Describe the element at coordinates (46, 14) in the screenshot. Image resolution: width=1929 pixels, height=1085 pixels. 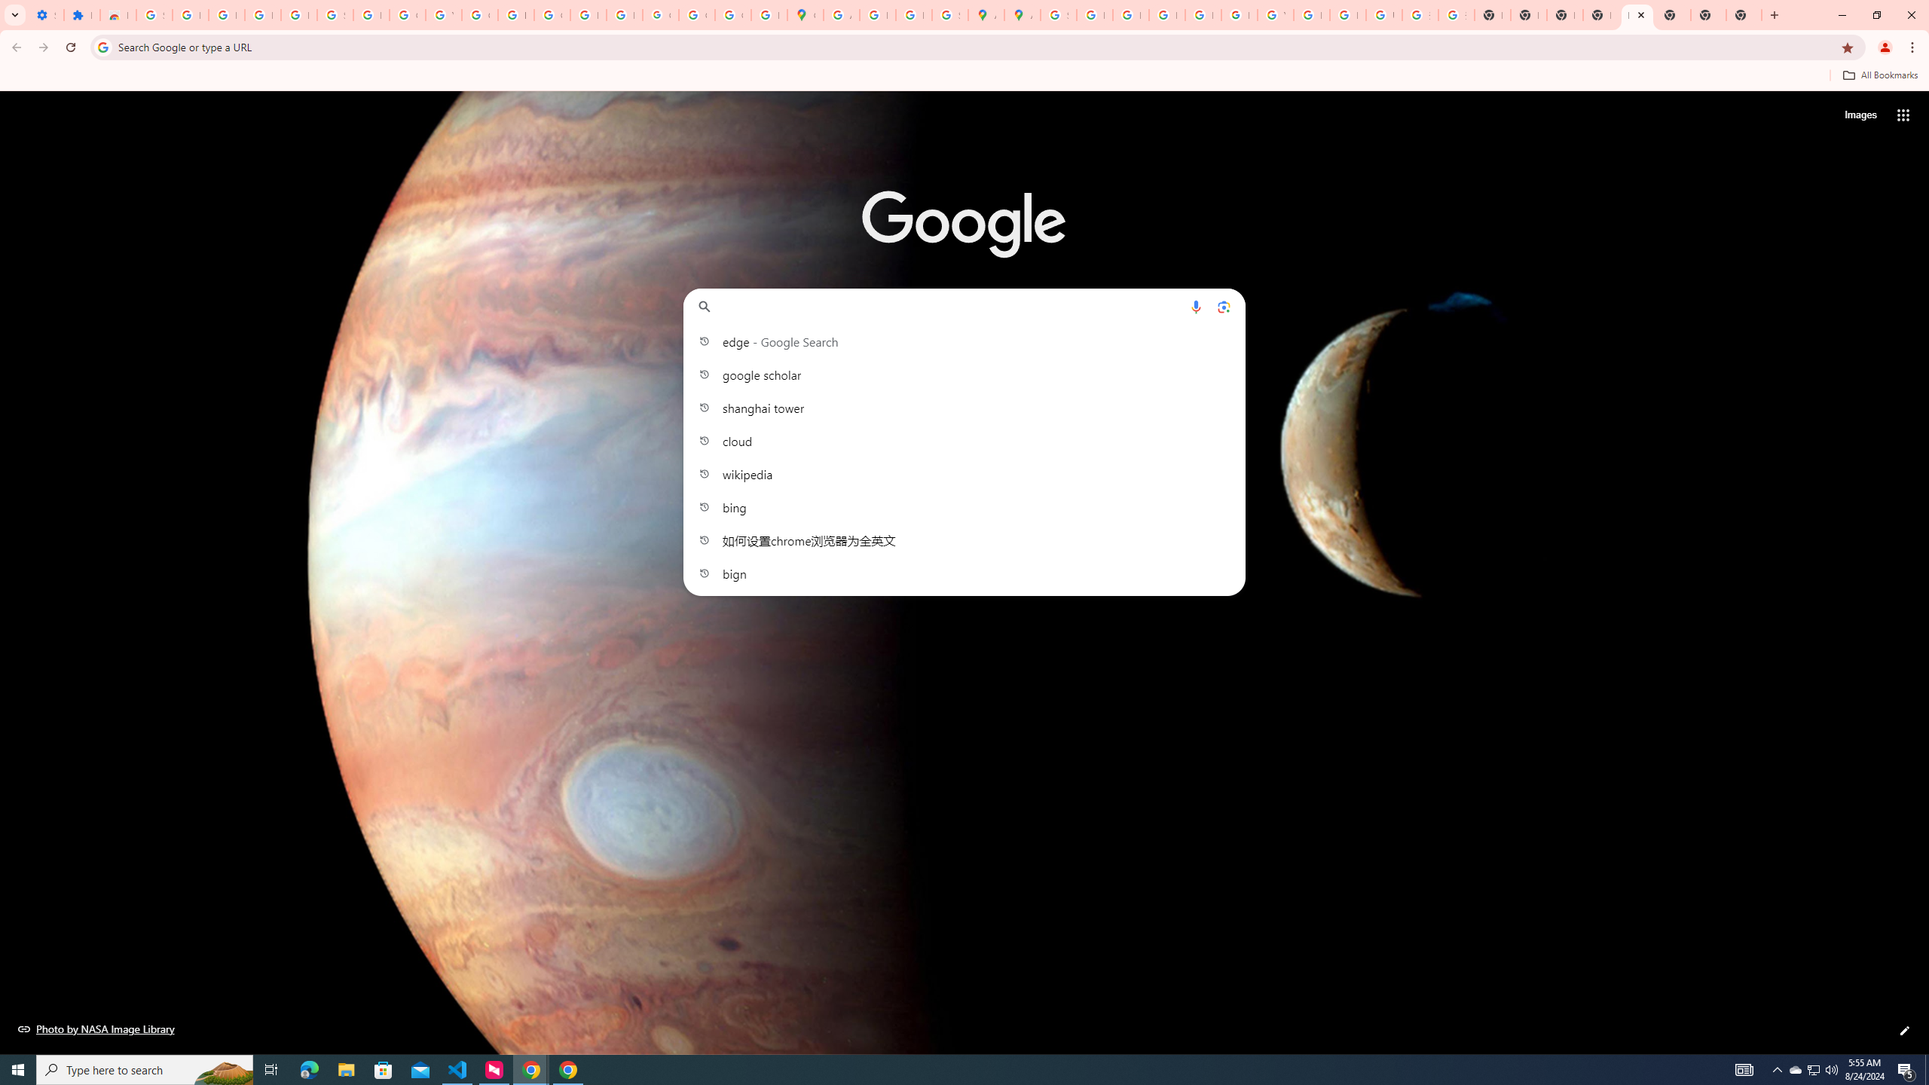
I see `'Settings - On startup'` at that location.